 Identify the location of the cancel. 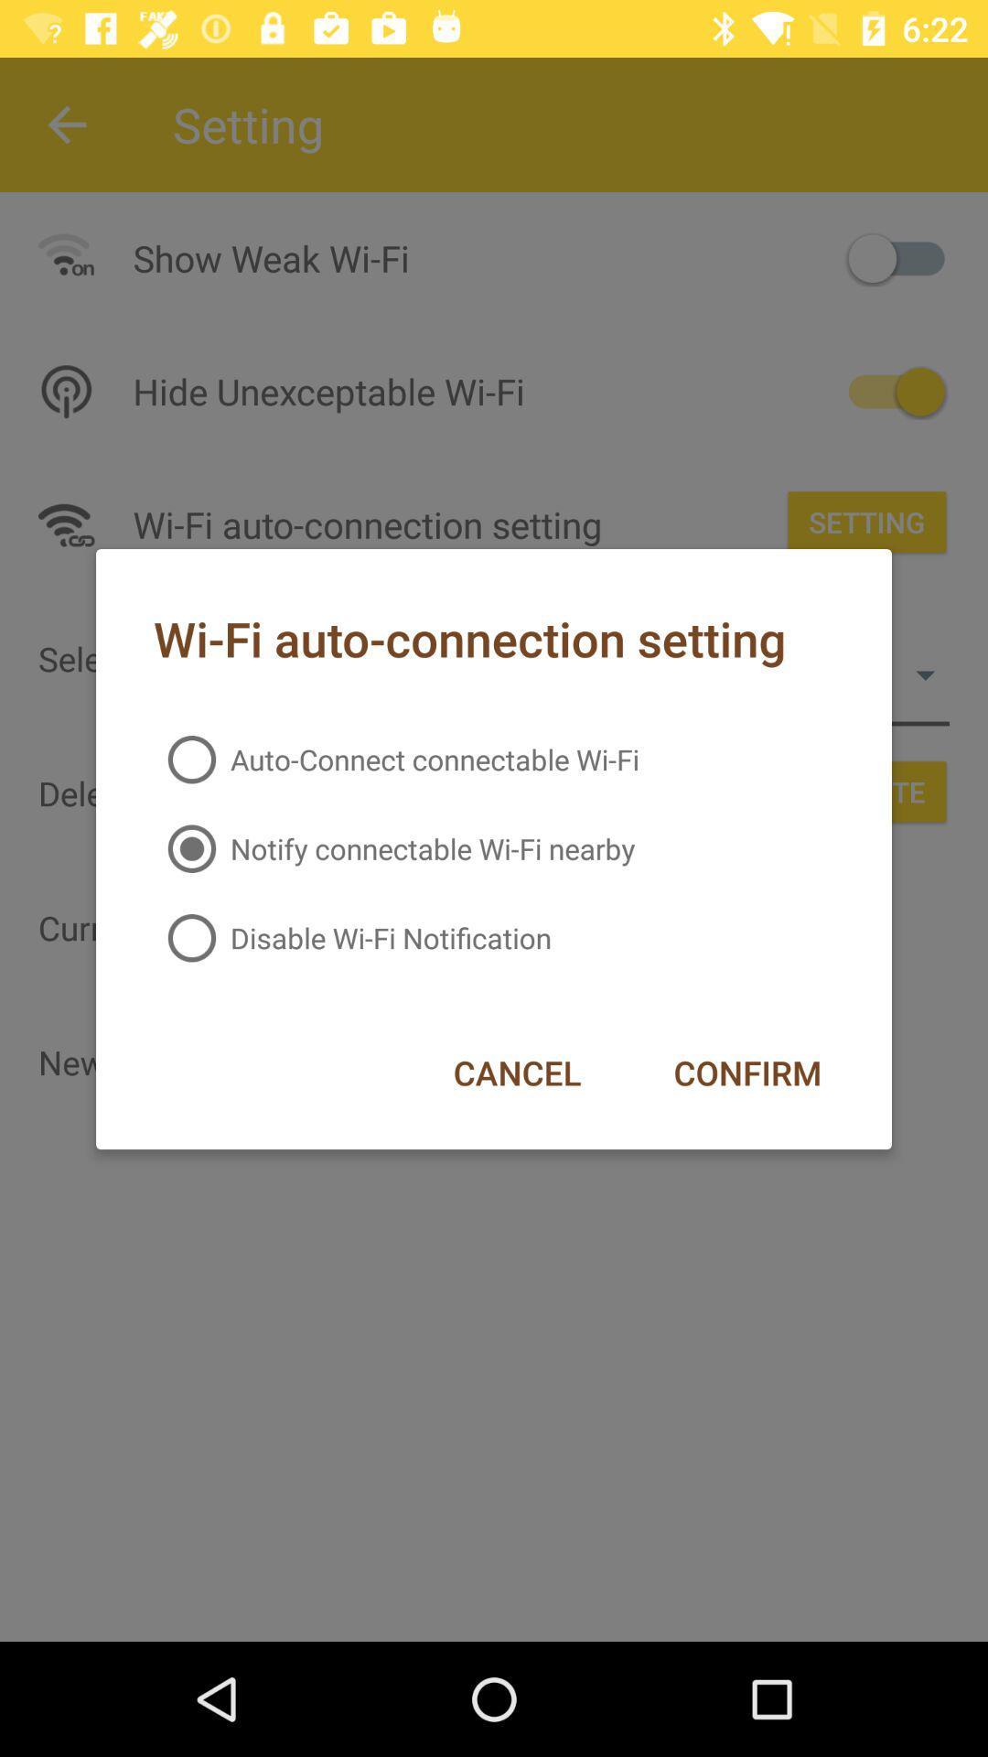
(517, 1073).